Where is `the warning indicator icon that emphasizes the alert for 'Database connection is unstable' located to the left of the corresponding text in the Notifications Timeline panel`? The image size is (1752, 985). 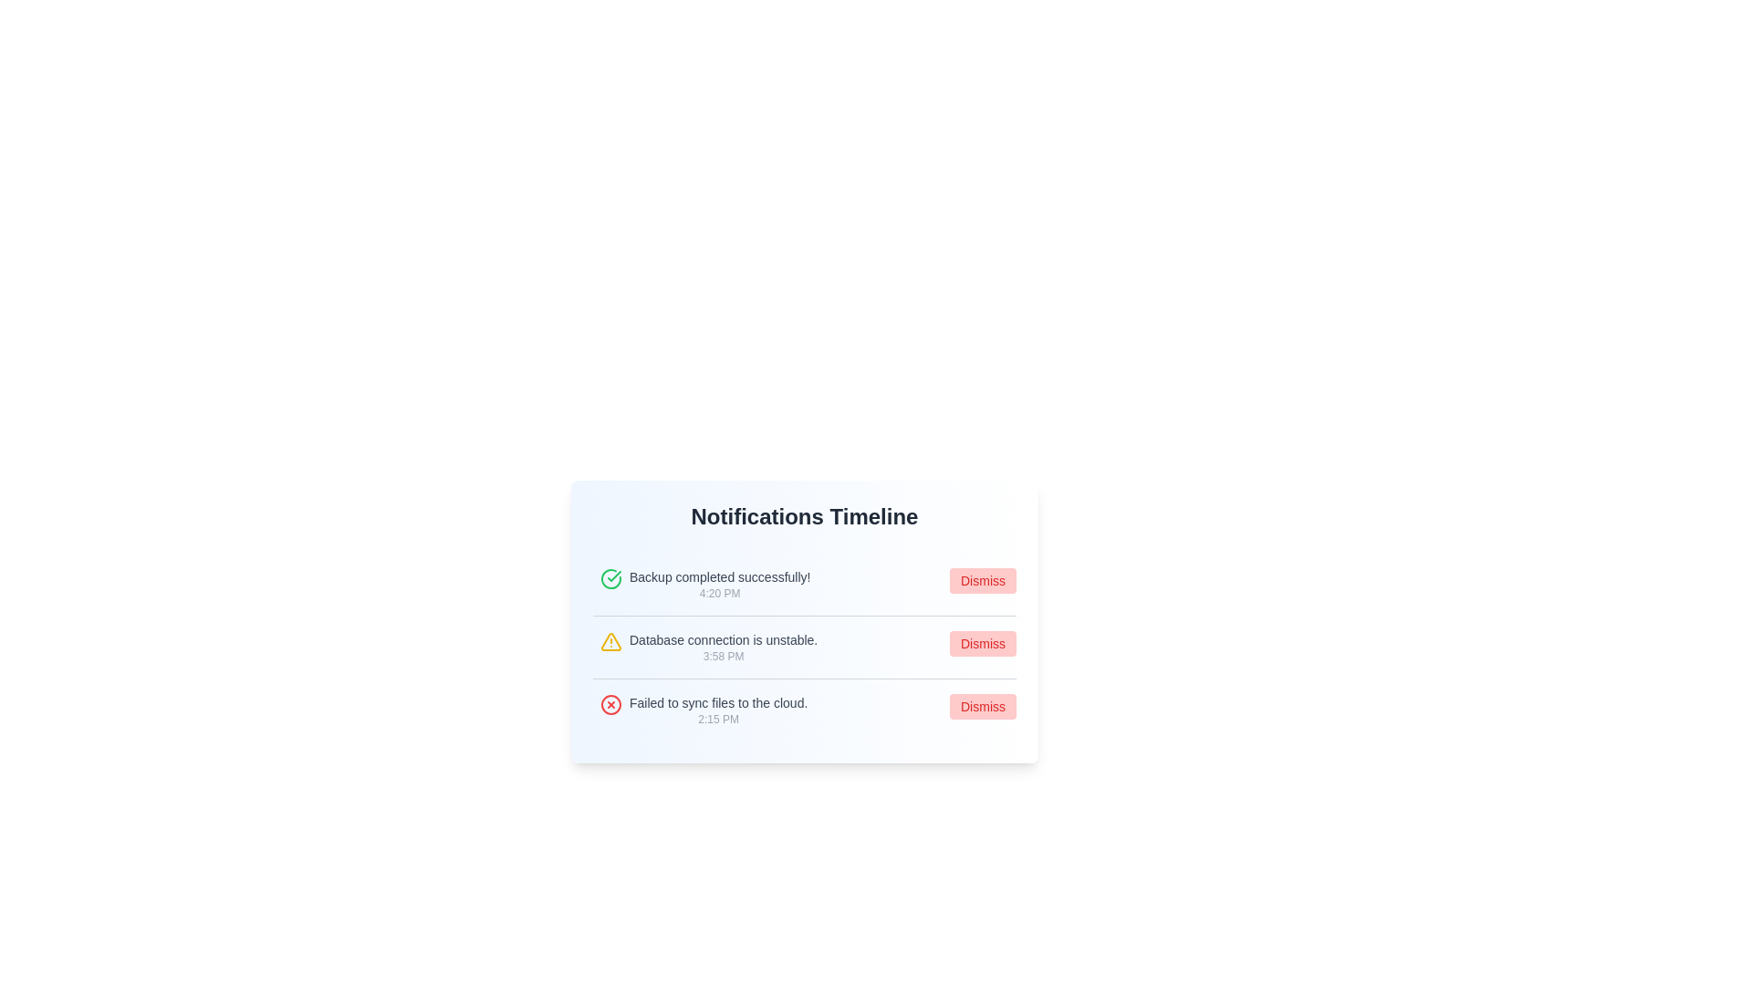 the warning indicator icon that emphasizes the alert for 'Database connection is unstable' located to the left of the corresponding text in the Notifications Timeline panel is located at coordinates (611, 640).